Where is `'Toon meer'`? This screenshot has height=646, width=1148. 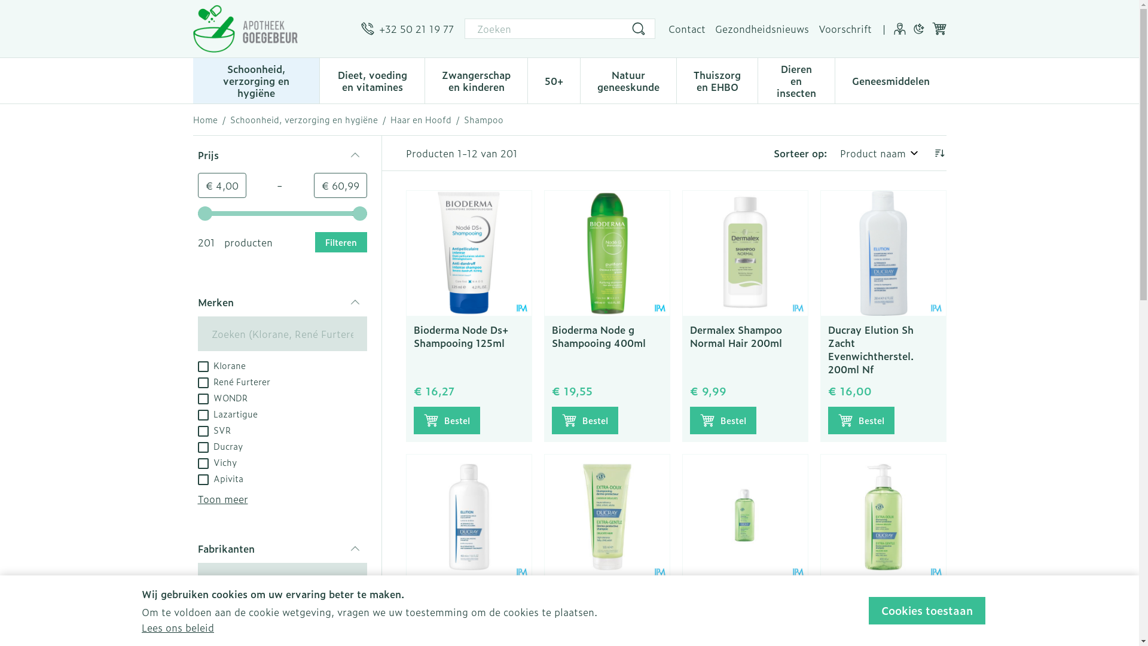 'Toon meer' is located at coordinates (222, 498).